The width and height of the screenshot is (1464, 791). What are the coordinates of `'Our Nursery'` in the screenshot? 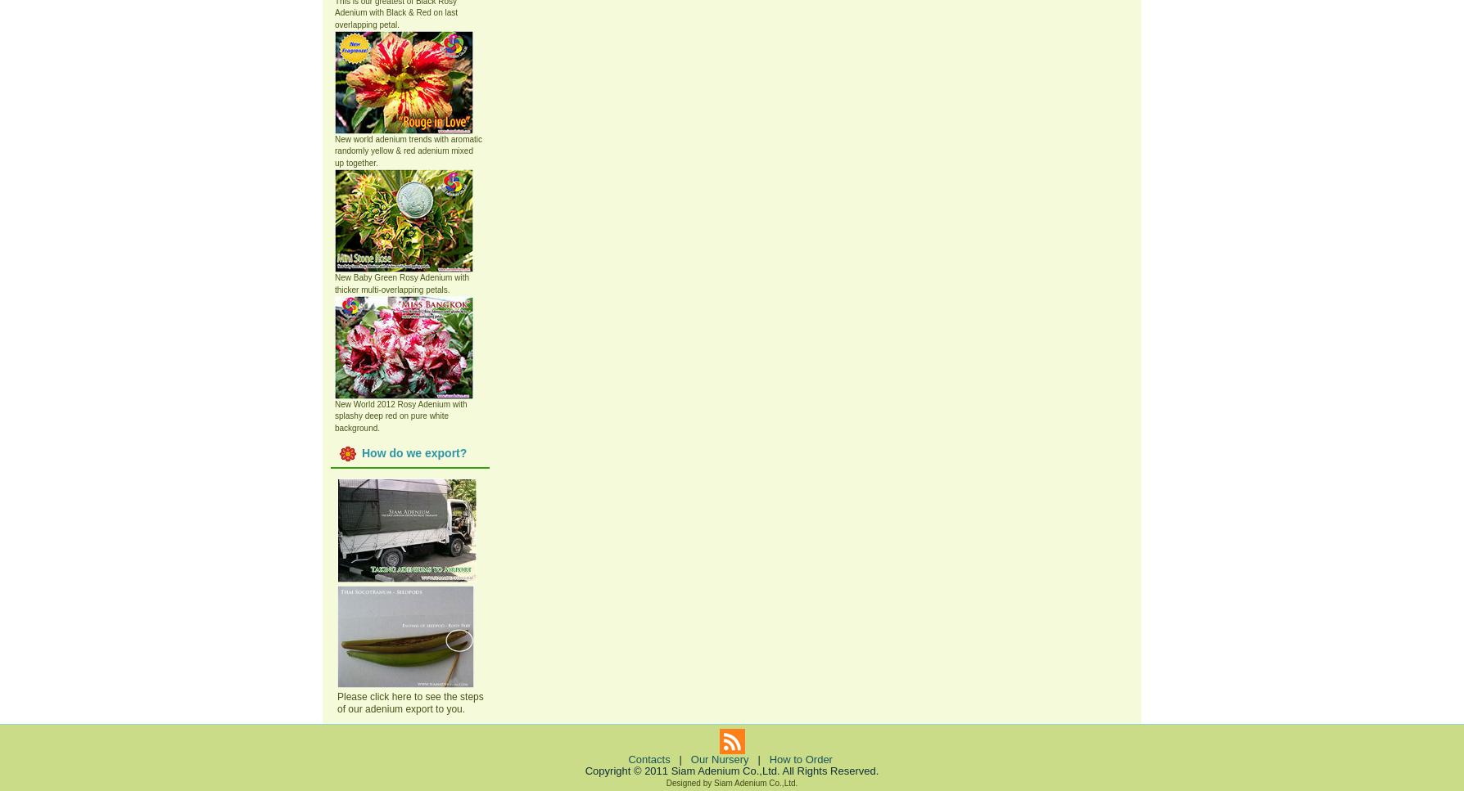 It's located at (718, 758).